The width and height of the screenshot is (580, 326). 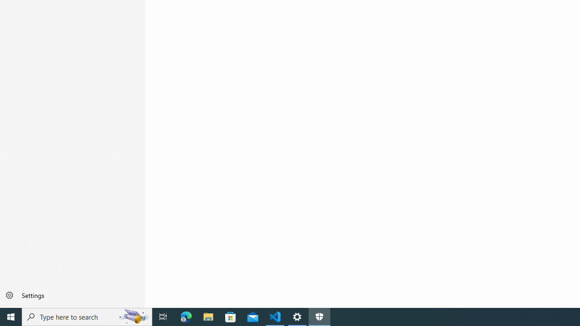 What do you see at coordinates (297, 316) in the screenshot?
I see `'Settings - 1 running window'` at bounding box center [297, 316].